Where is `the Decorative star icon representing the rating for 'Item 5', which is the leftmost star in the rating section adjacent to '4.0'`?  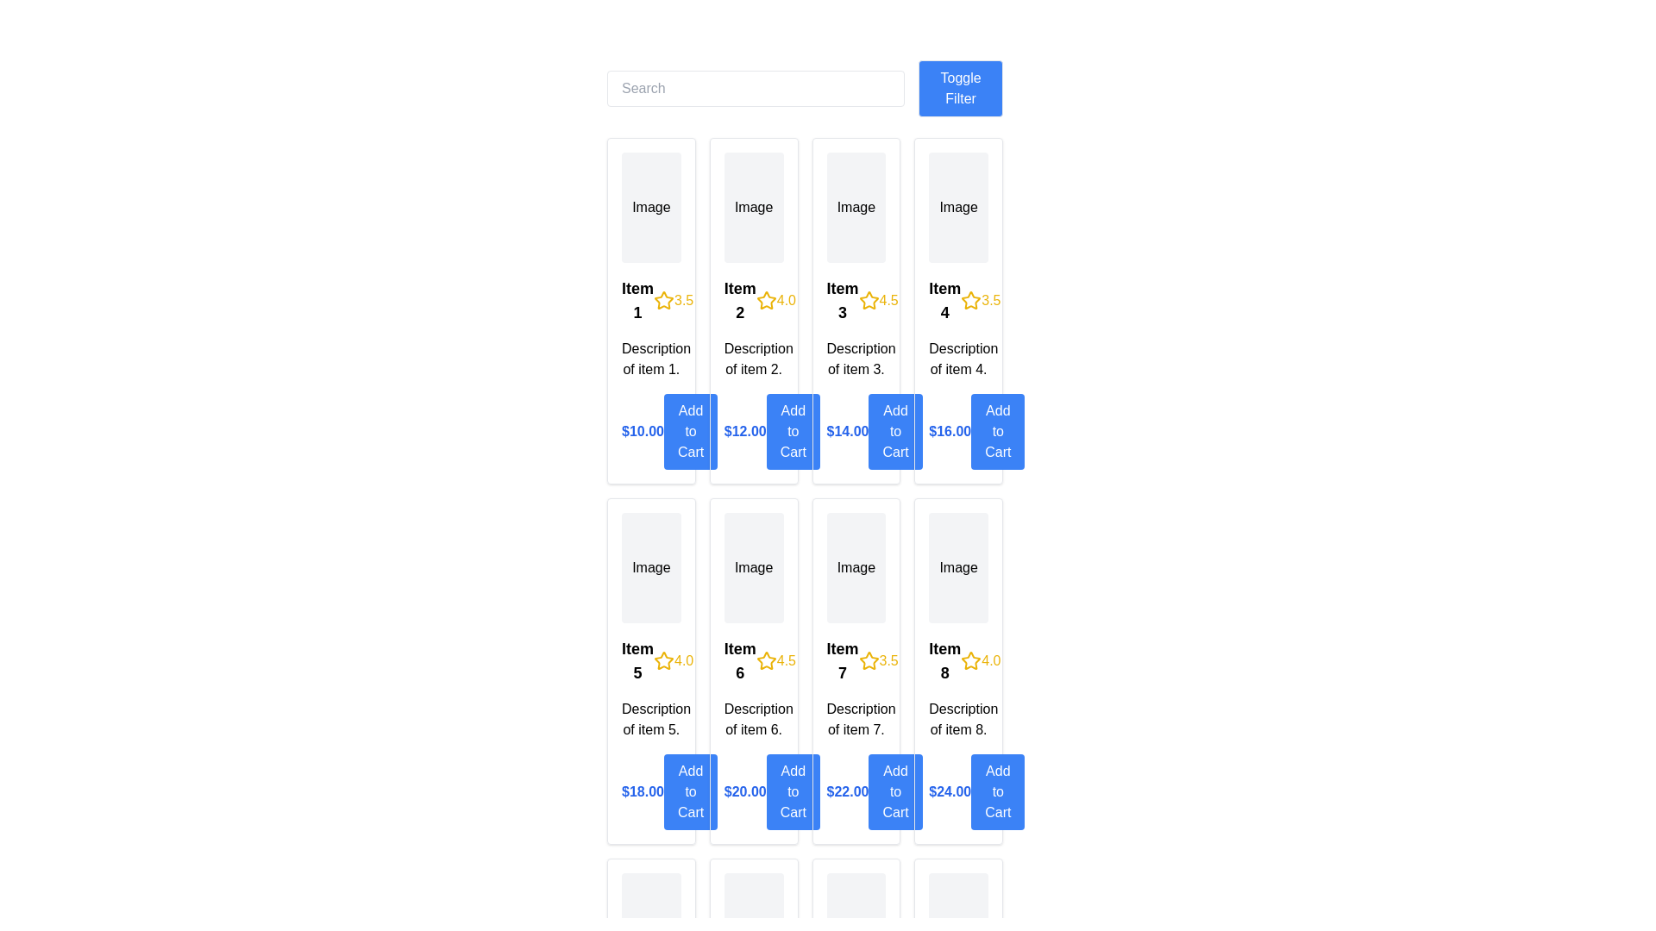
the Decorative star icon representing the rating for 'Item 5', which is the leftmost star in the rating section adjacent to '4.0' is located at coordinates (662, 659).